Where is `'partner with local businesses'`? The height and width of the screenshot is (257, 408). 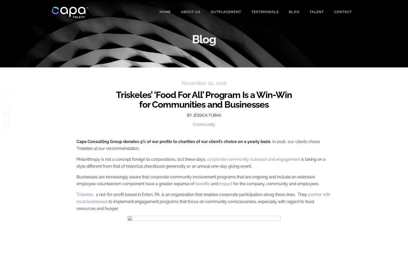
'partner with local businesses' is located at coordinates (203, 198).